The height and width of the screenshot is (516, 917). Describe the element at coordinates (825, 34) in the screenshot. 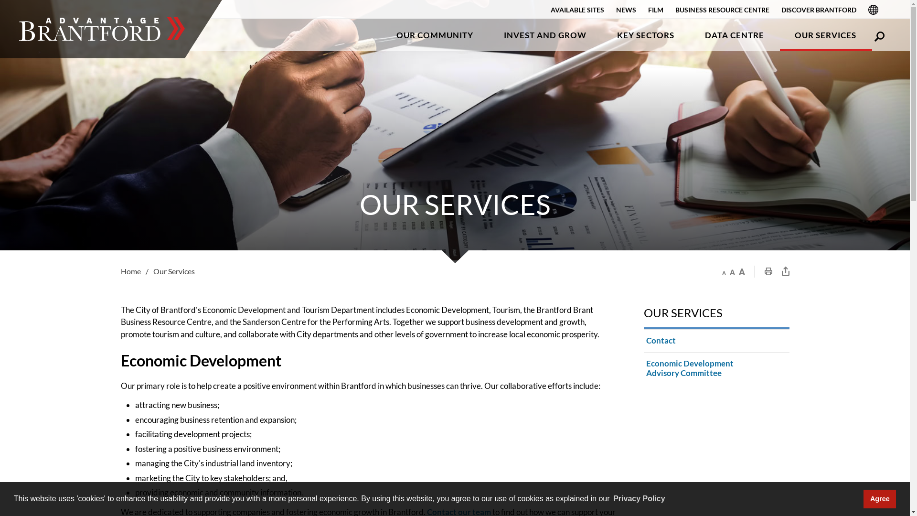

I see `'OUR SERVICES'` at that location.